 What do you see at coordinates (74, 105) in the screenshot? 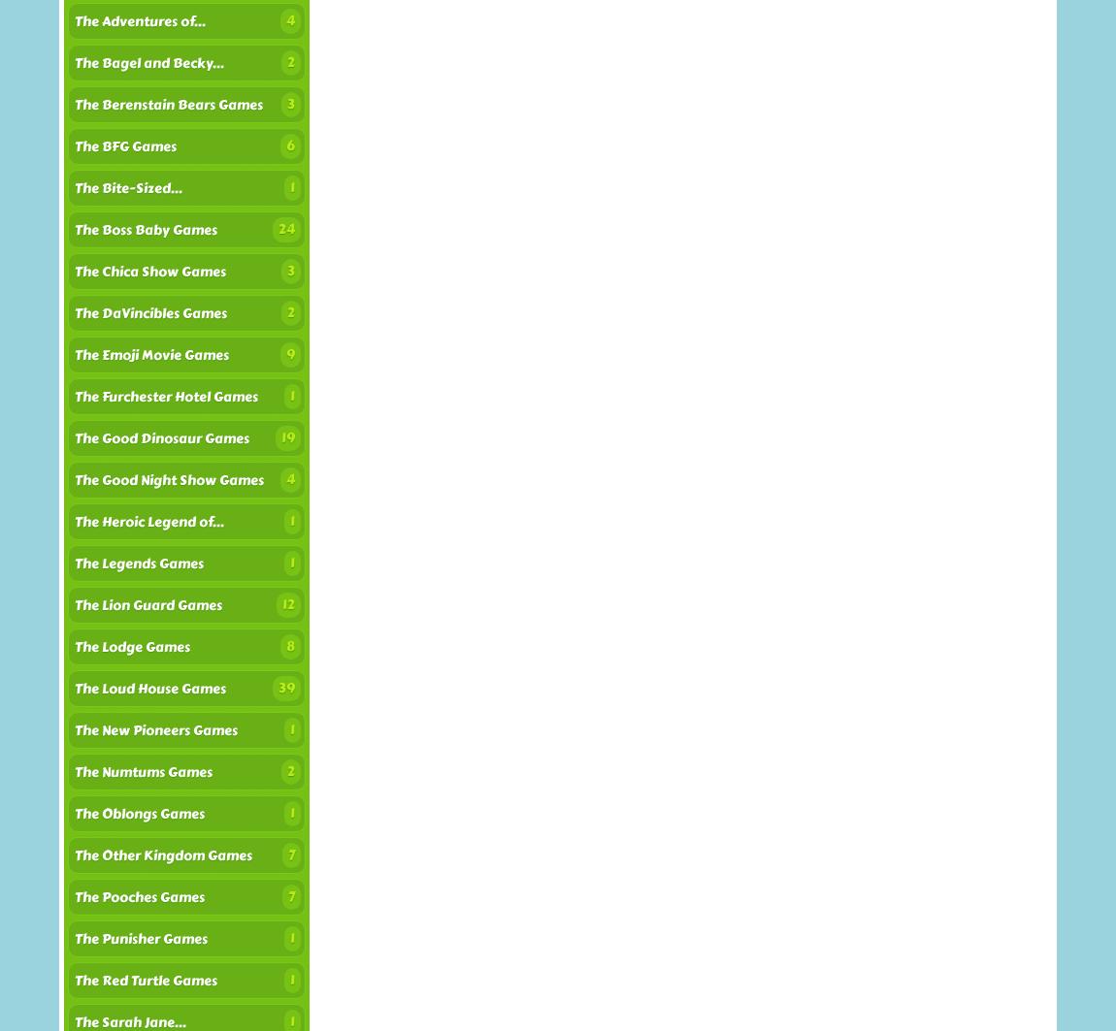
I see `'The Berenstain Bears Games'` at bounding box center [74, 105].